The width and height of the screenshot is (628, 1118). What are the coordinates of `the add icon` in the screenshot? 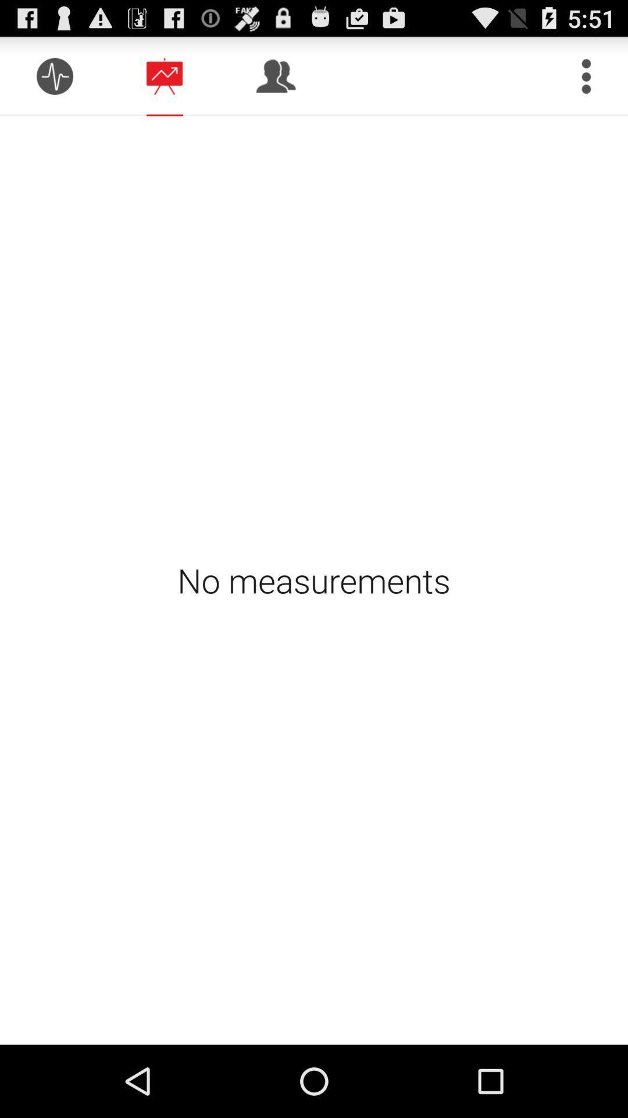 It's located at (55, 81).